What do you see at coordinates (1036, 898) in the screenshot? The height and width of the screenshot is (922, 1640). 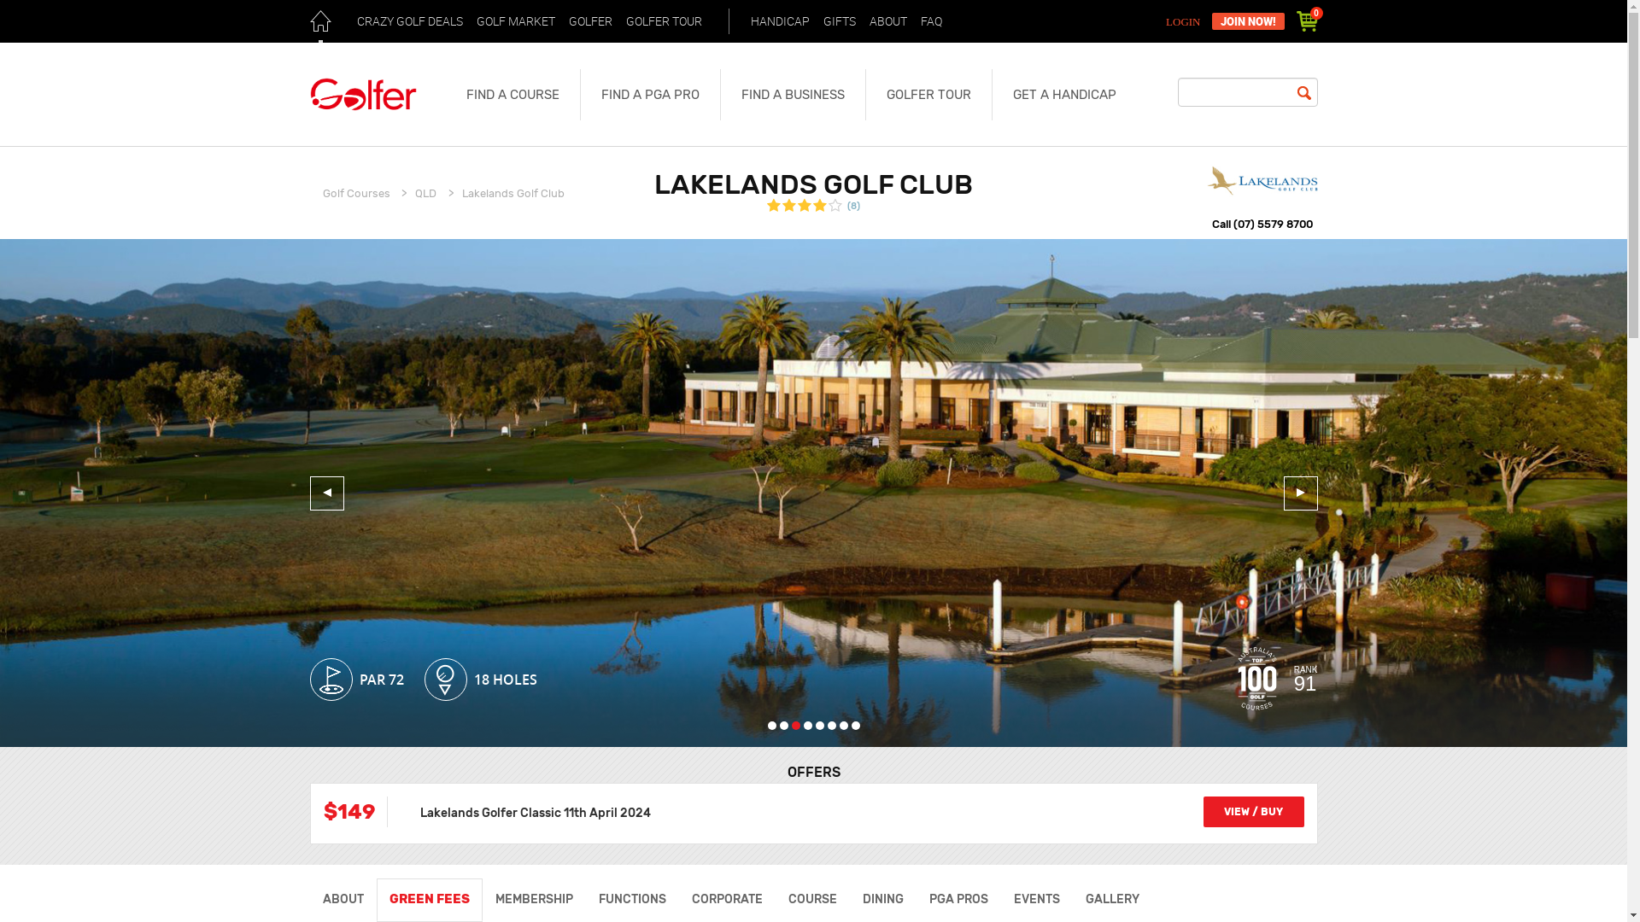 I see `'EVENTS'` at bounding box center [1036, 898].